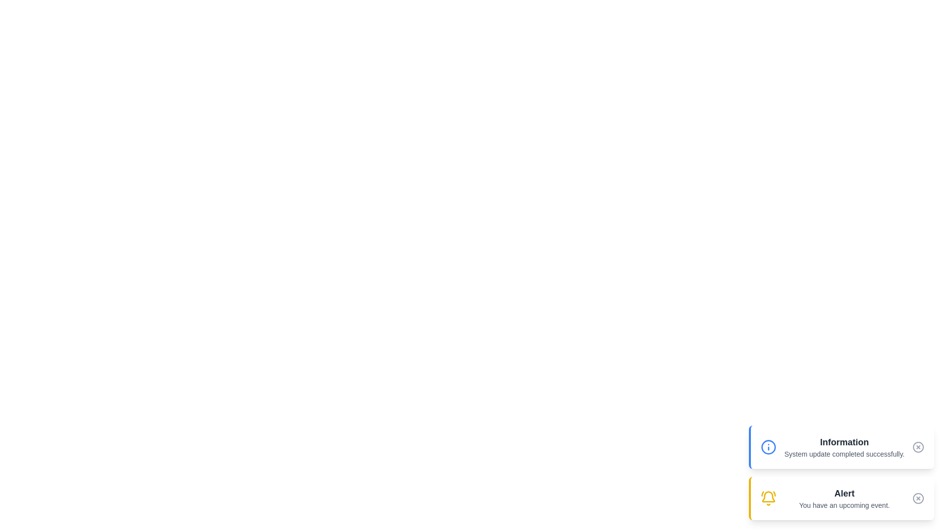  Describe the element at coordinates (844, 498) in the screenshot. I see `the text of the notification titled 'Alert'` at that location.